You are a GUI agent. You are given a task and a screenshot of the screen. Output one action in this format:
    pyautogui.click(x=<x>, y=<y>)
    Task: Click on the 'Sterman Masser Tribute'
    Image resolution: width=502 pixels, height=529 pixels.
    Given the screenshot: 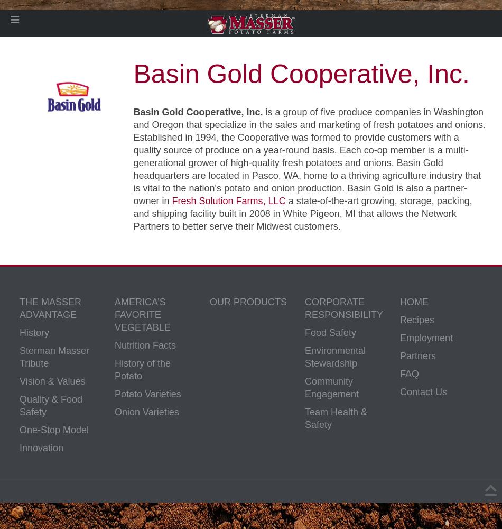 What is the action you would take?
    pyautogui.click(x=54, y=357)
    